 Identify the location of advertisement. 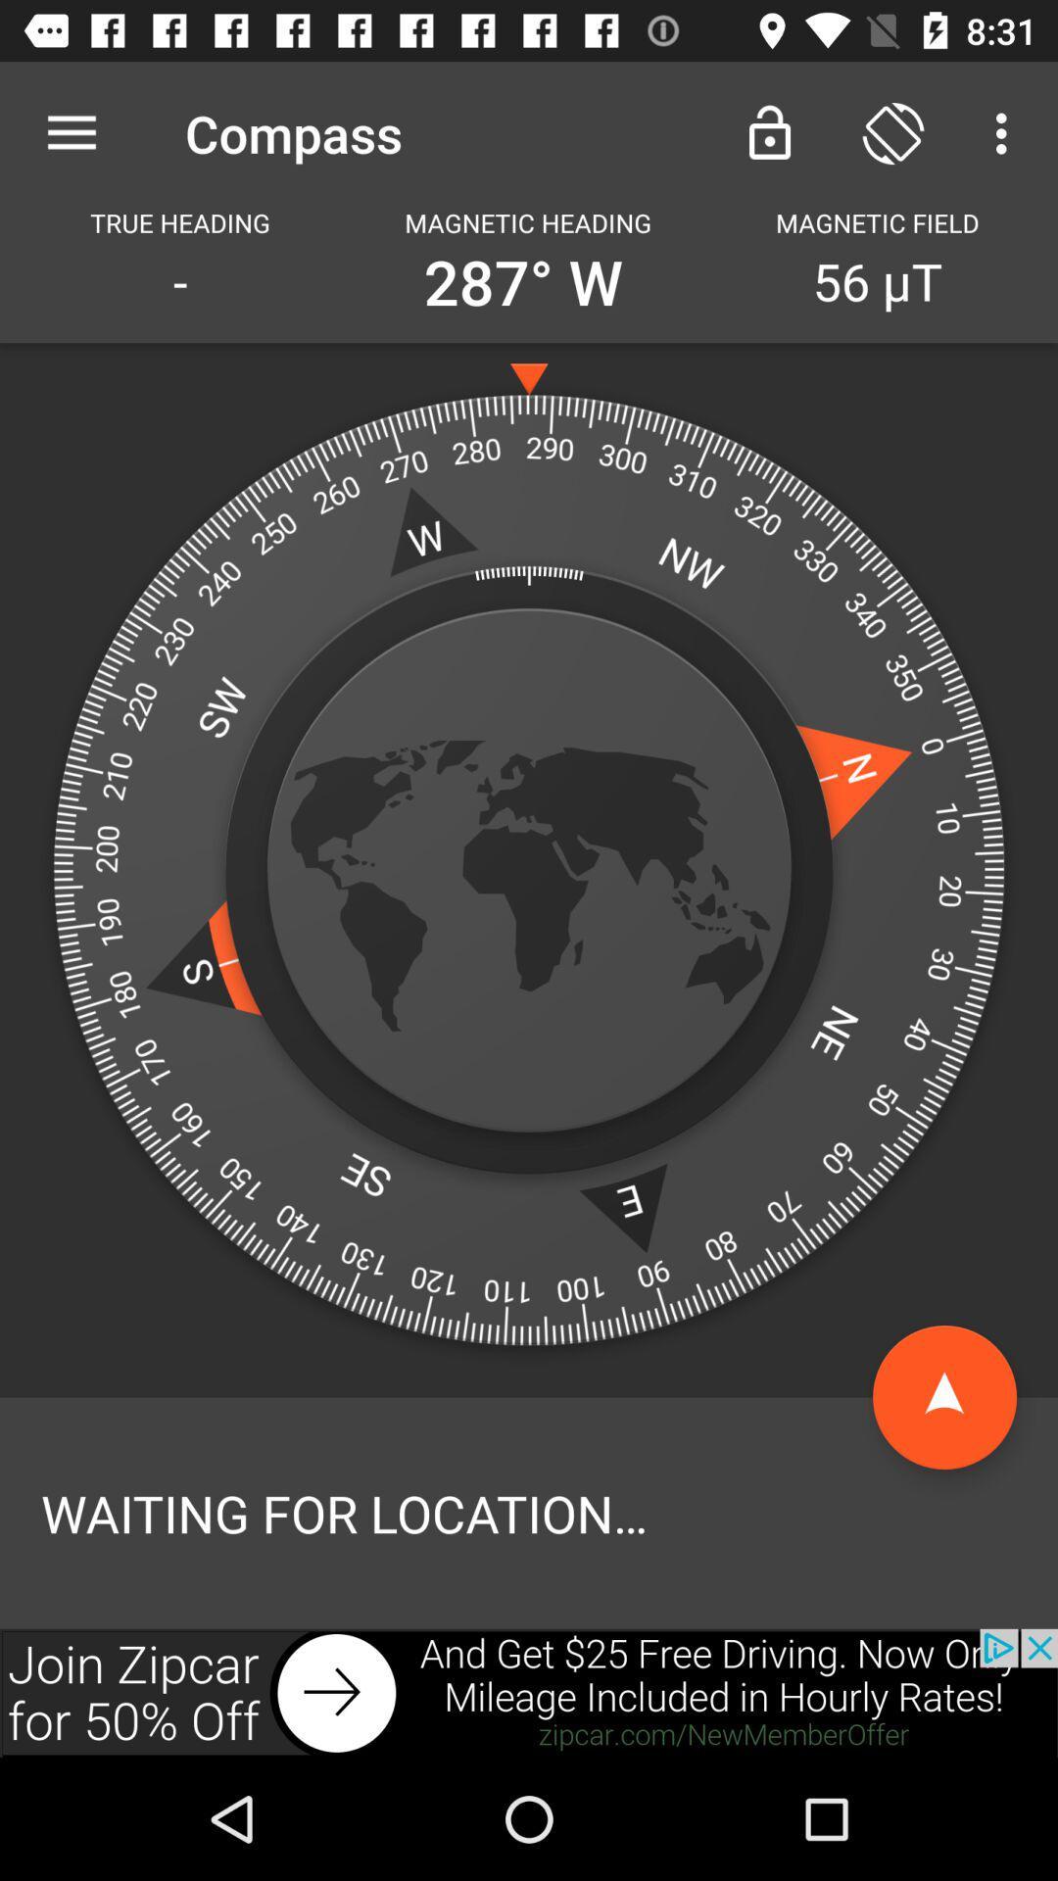
(529, 1692).